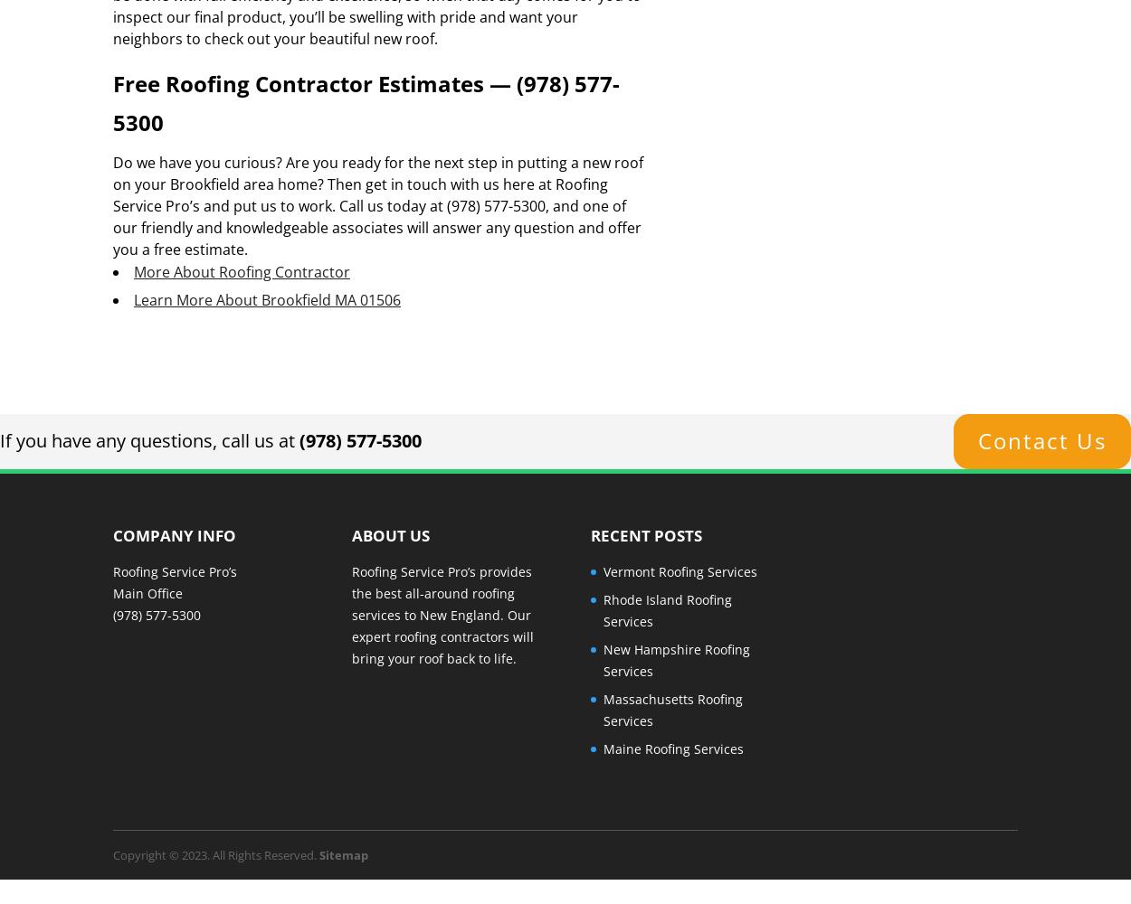 The image size is (1131, 904). What do you see at coordinates (671, 747) in the screenshot?
I see `'Maine Roofing Services'` at bounding box center [671, 747].